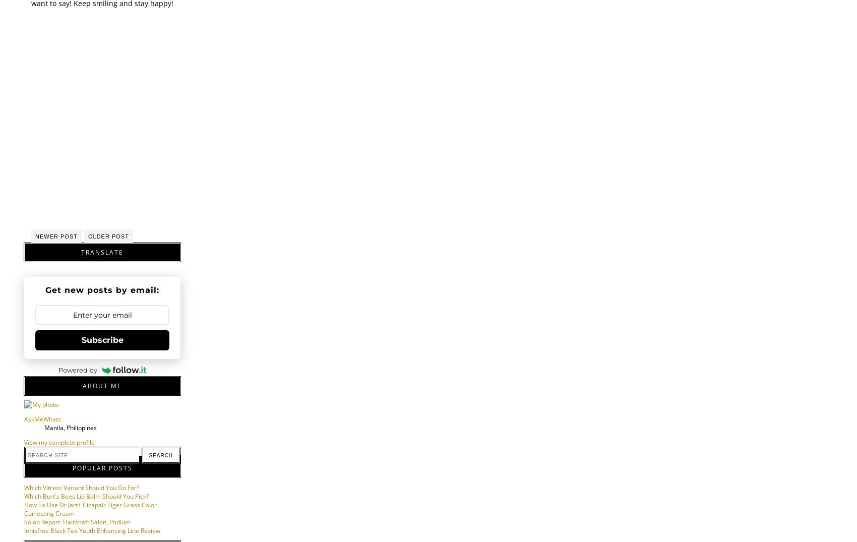 Image resolution: width=857 pixels, height=542 pixels. Describe the element at coordinates (91, 530) in the screenshot. I see `'Innisfree Black Tea Youth Enhancing Line Review'` at that location.